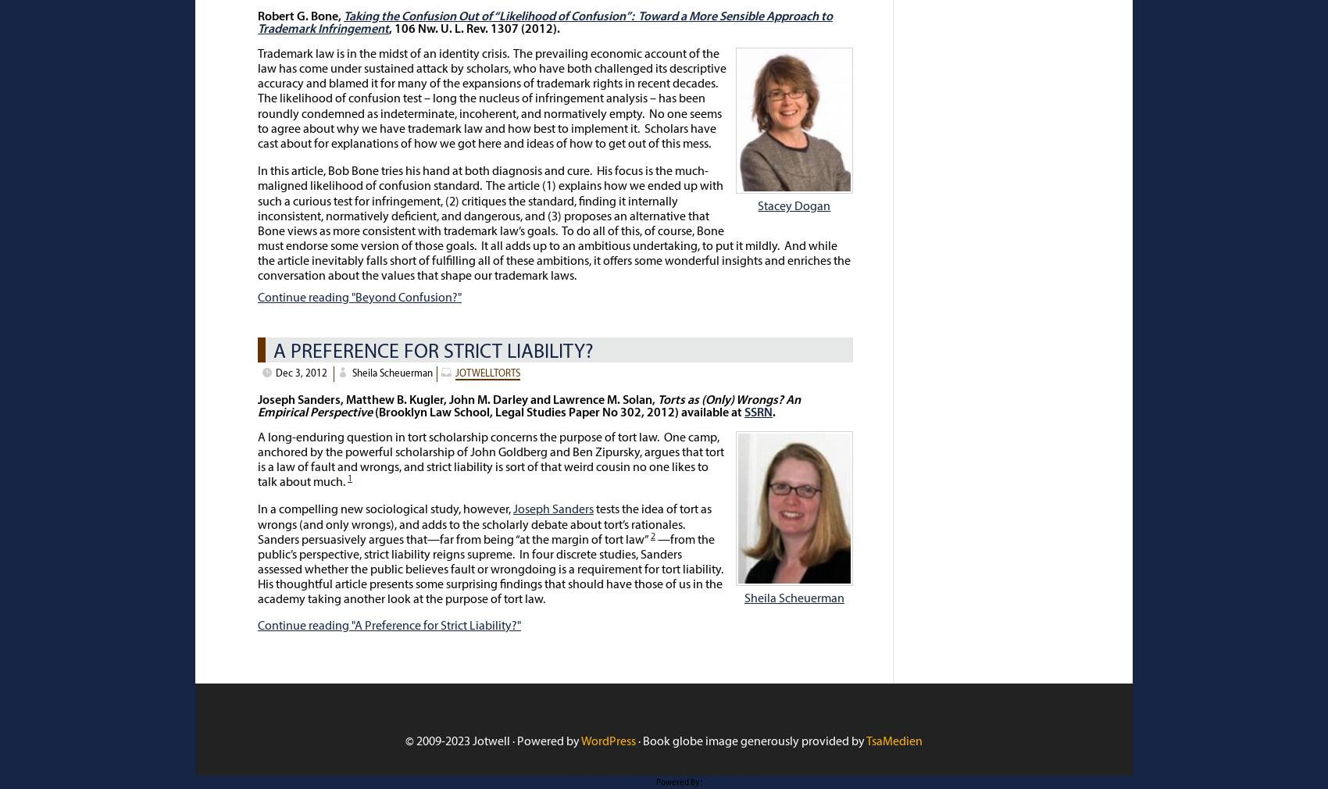 The width and height of the screenshot is (1328, 789). Describe the element at coordinates (359, 297) in the screenshot. I see `'Continue reading "Beyond Confusion?"'` at that location.